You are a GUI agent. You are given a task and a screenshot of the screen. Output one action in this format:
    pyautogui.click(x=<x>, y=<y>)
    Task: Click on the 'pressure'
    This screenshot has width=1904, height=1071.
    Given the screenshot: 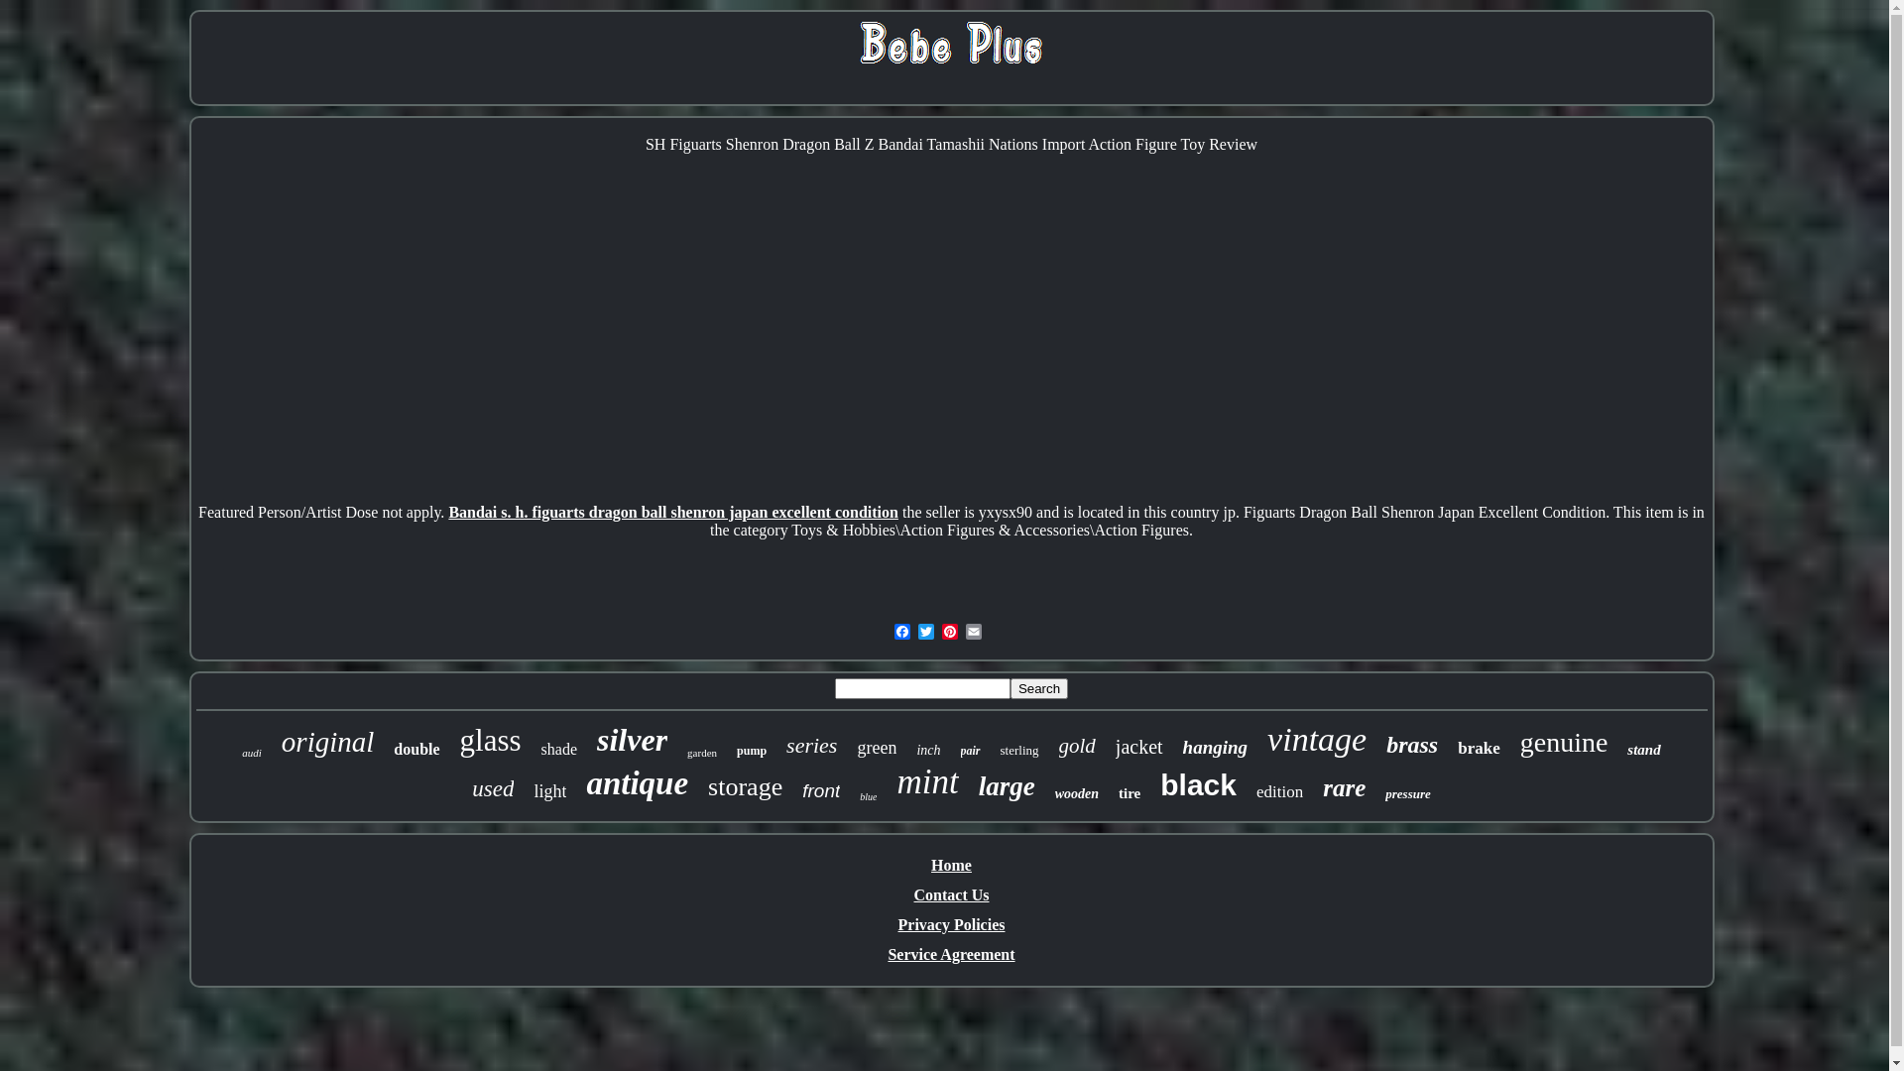 What is the action you would take?
    pyautogui.click(x=1383, y=793)
    